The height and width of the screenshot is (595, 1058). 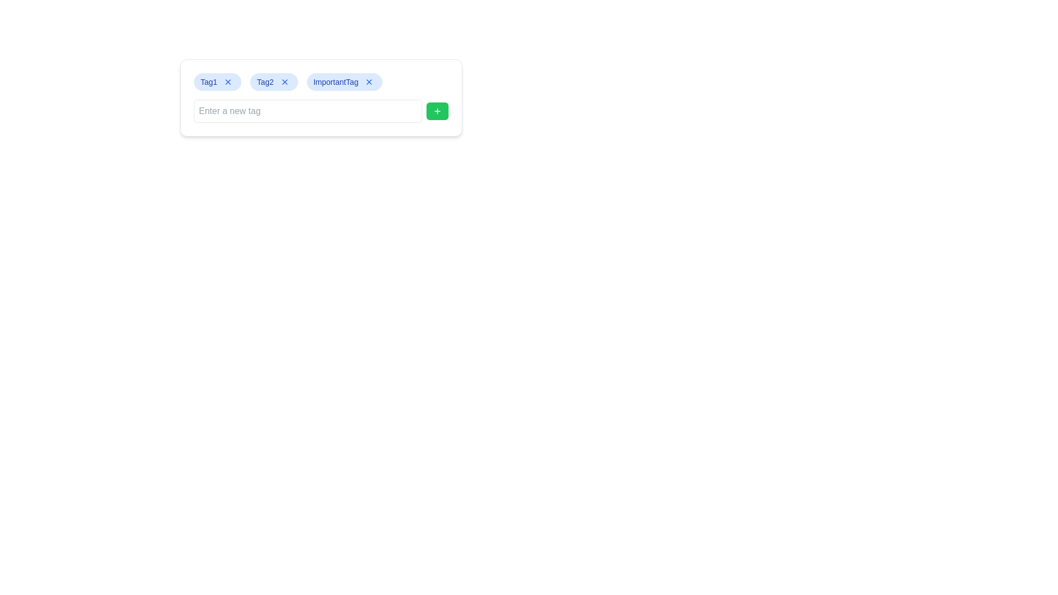 I want to click on the 'x' icon on a tag label within the horizontal arrangement of rounded pills with a light blue background, so click(x=320, y=82).